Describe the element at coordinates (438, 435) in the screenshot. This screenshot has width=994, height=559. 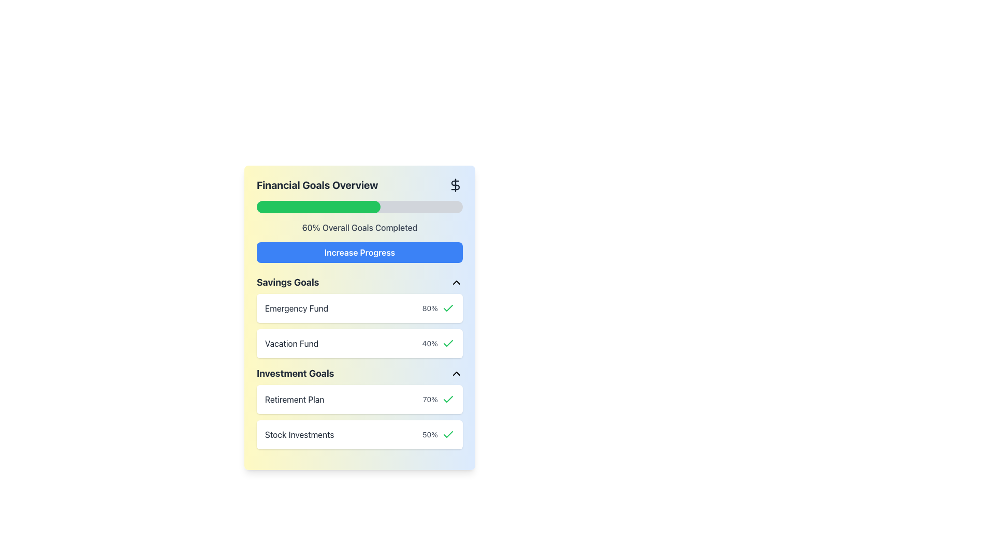
I see `the completion status of the Composite display showing '50%' with a green checkmark icon, located in the lower-right portion of the 'Stock Investments' card` at that location.